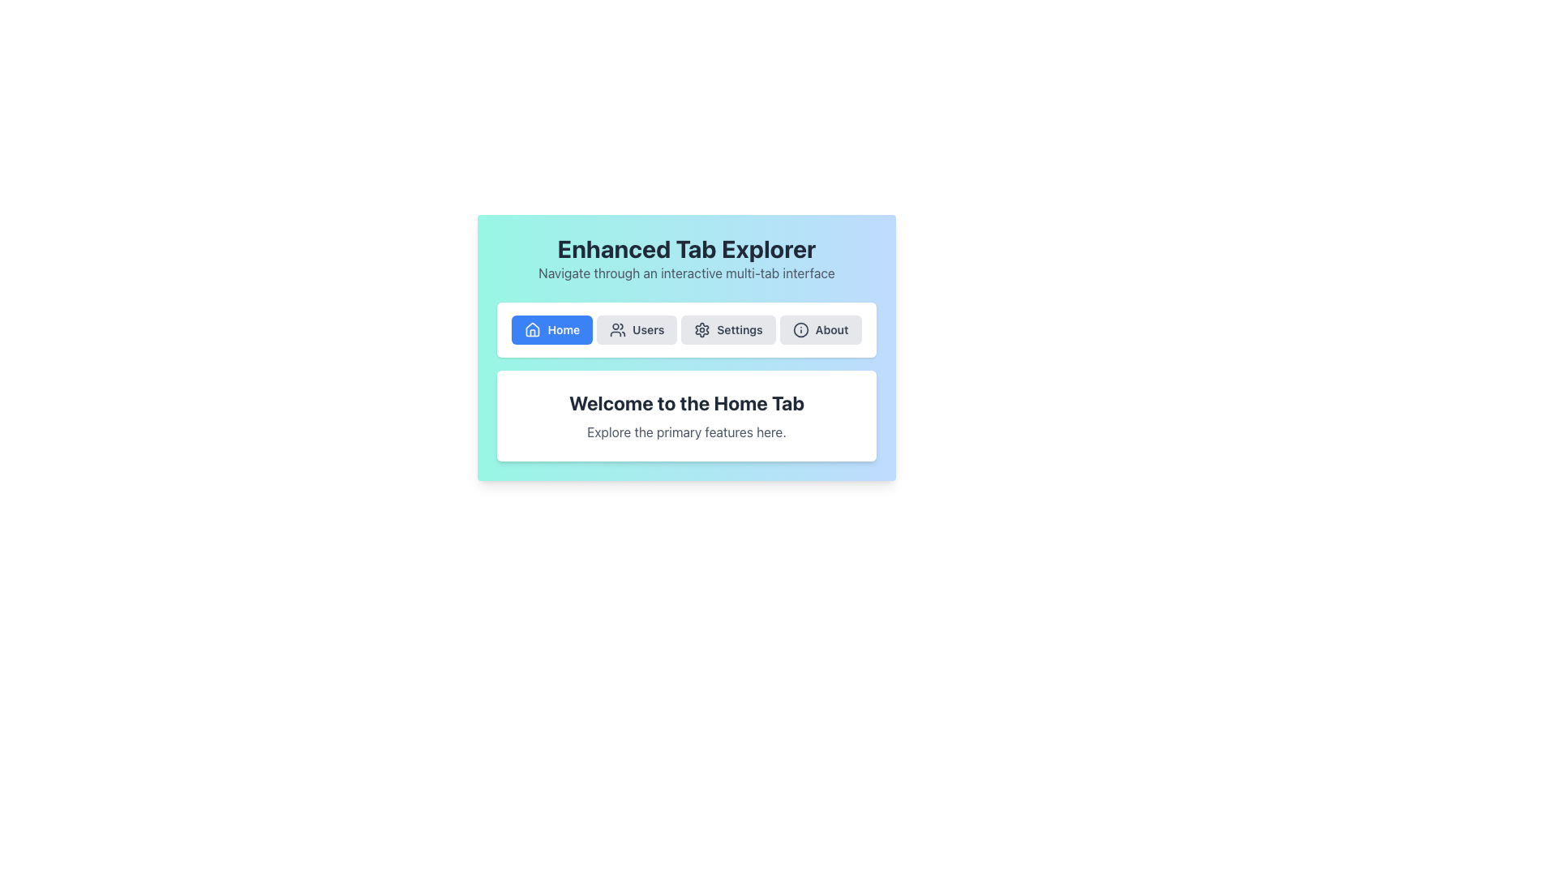 The image size is (1557, 876). What do you see at coordinates (617, 329) in the screenshot?
I see `the small icon representing two stylized human figures` at bounding box center [617, 329].